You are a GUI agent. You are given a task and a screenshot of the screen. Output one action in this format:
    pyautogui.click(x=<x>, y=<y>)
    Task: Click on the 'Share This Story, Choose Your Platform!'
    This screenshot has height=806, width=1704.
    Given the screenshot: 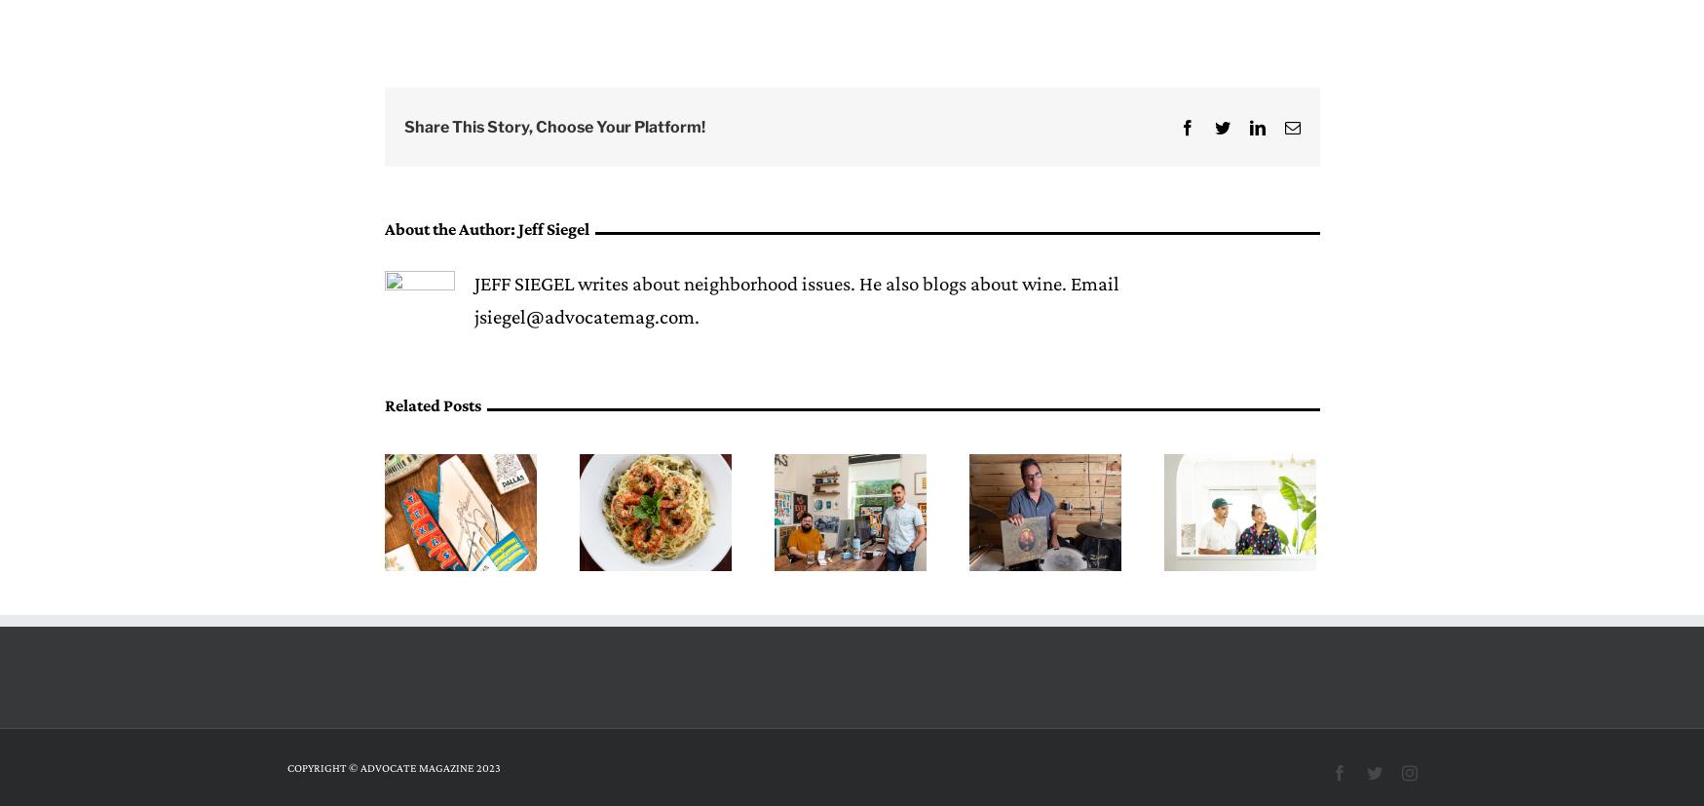 What is the action you would take?
    pyautogui.click(x=552, y=126)
    